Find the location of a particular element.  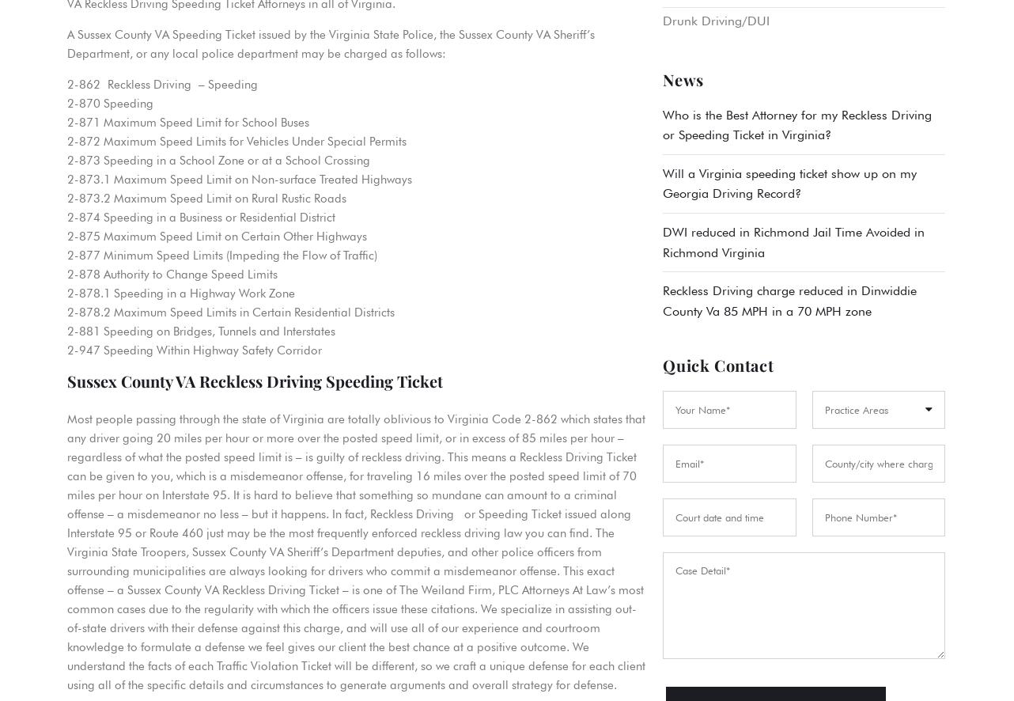

'2-873.1 Maximum Speed Limit on Non-surface Treated Highways' is located at coordinates (239, 178).